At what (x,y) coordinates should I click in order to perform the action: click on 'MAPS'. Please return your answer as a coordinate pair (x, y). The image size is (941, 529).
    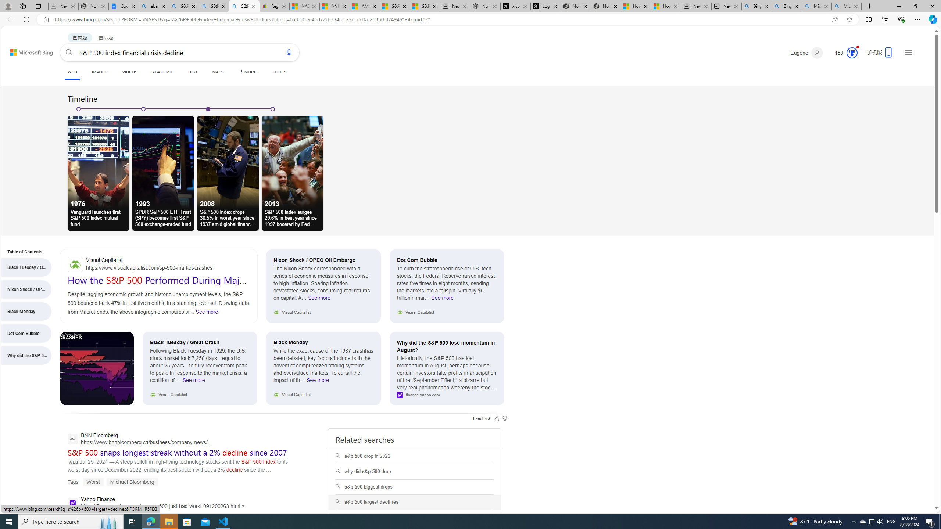
    Looking at the image, I should click on (217, 72).